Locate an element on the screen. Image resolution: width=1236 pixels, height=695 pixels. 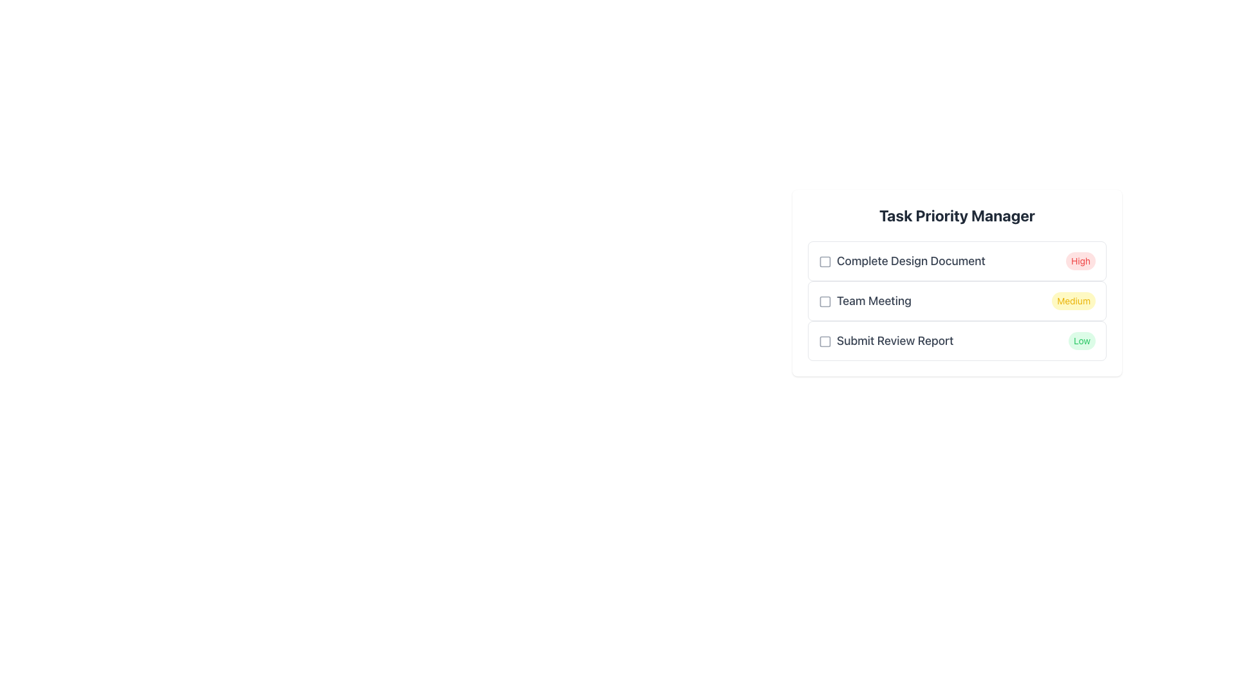
the 'Team Meeting' task entry is located at coordinates (957, 301).